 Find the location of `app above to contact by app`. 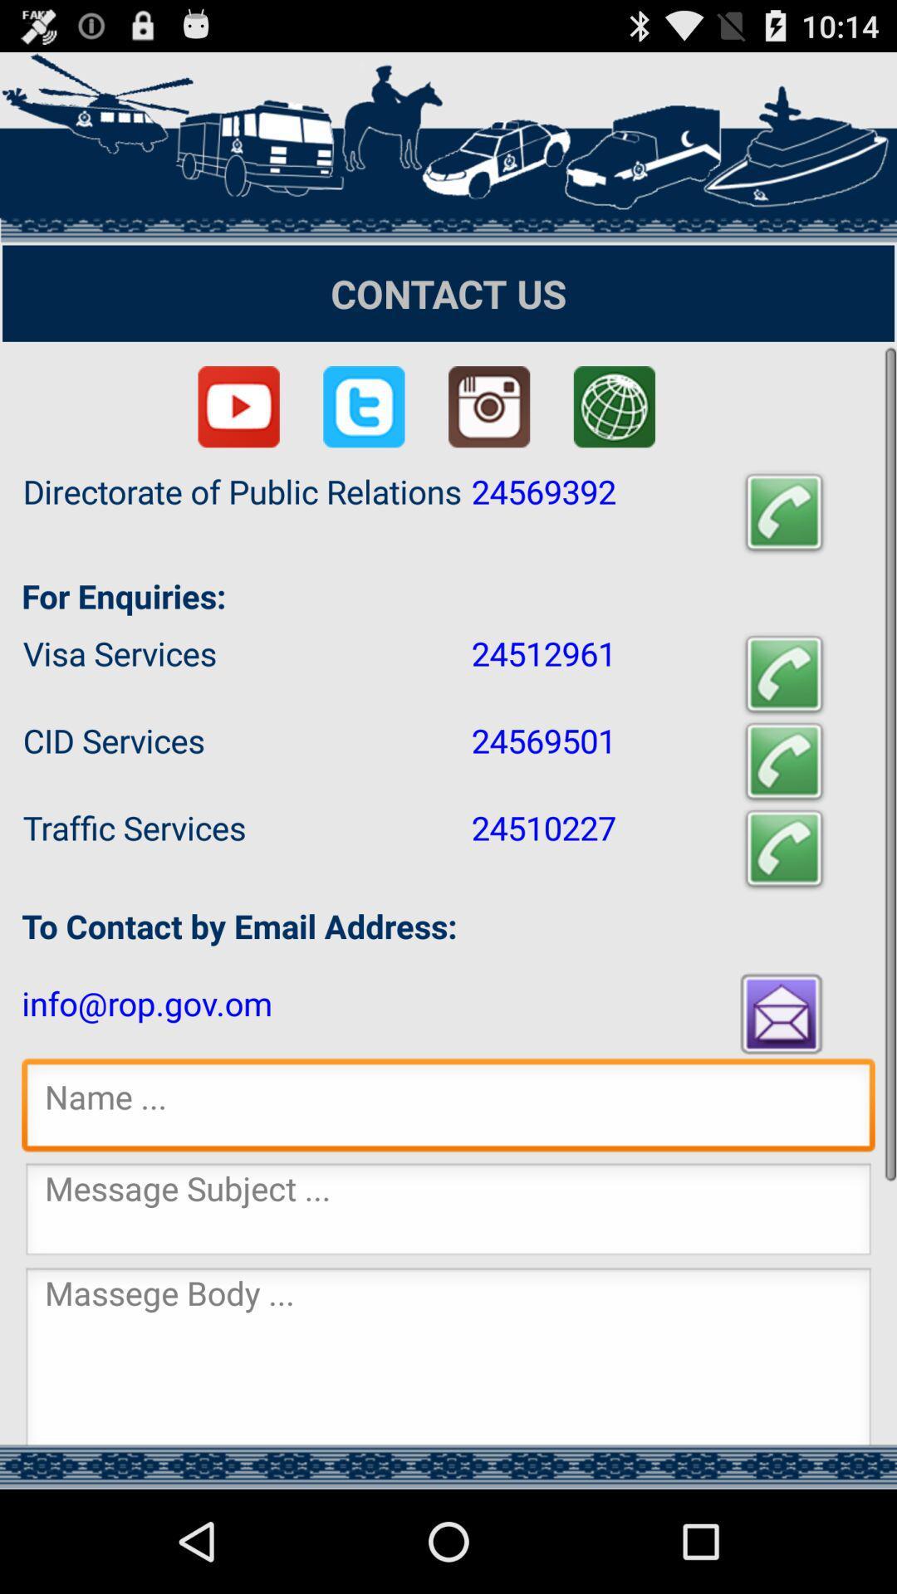

app above to contact by app is located at coordinates (784, 848).